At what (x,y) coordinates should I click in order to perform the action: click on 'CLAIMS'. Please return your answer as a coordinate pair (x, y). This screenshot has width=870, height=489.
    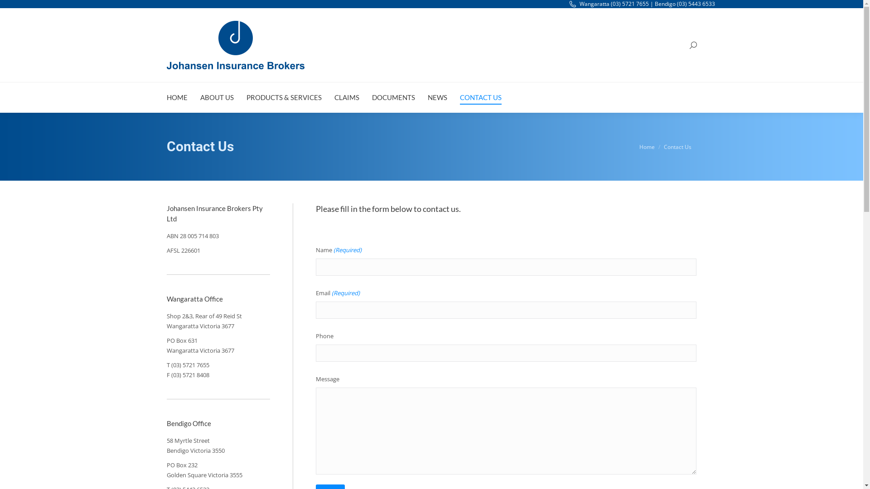
    Looking at the image, I should click on (346, 97).